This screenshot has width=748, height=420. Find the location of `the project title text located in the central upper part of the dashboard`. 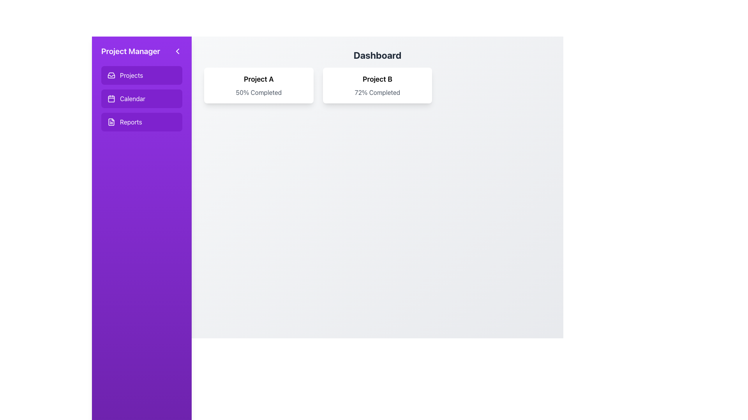

the project title text located in the central upper part of the dashboard is located at coordinates (259, 79).